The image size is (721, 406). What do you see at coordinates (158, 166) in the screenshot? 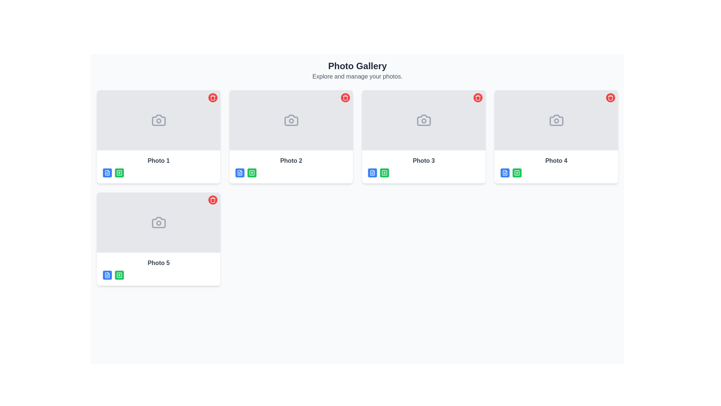
I see `the photo card element in the grid layout that features a camera icon and the text 'Photo 1' in bold gray font using keyboard shortcuts` at bounding box center [158, 166].